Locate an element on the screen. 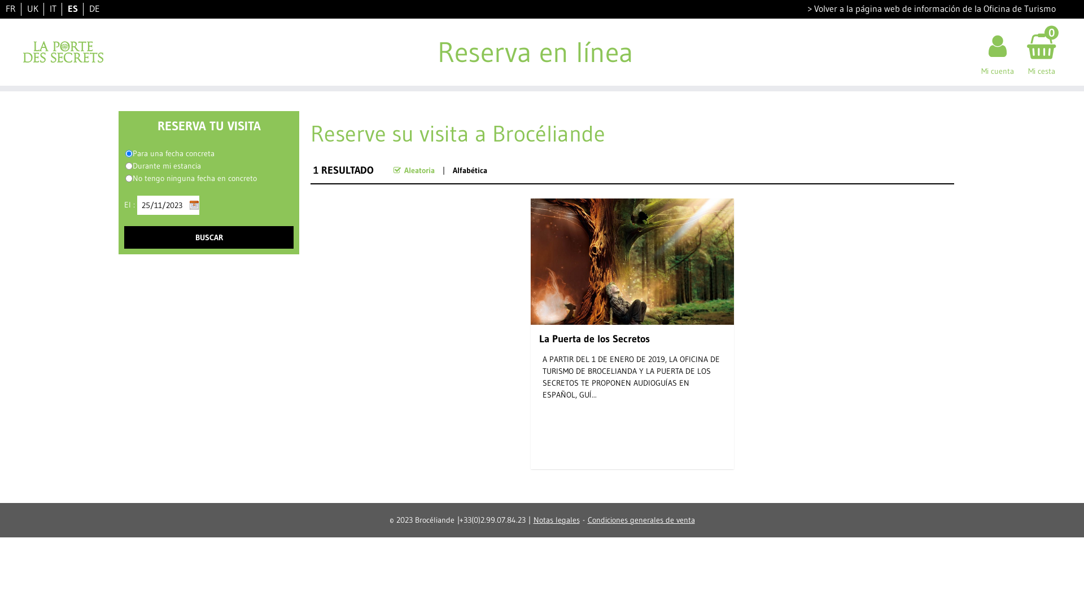 This screenshot has height=609, width=1084. 'UK' is located at coordinates (27, 8).